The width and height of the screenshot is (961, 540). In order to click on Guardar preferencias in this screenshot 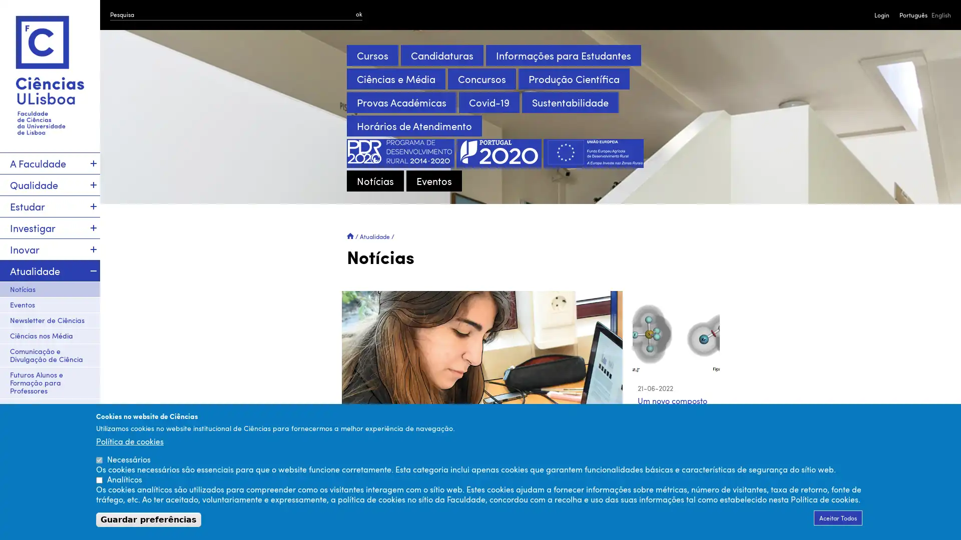, I will do `click(148, 519)`.